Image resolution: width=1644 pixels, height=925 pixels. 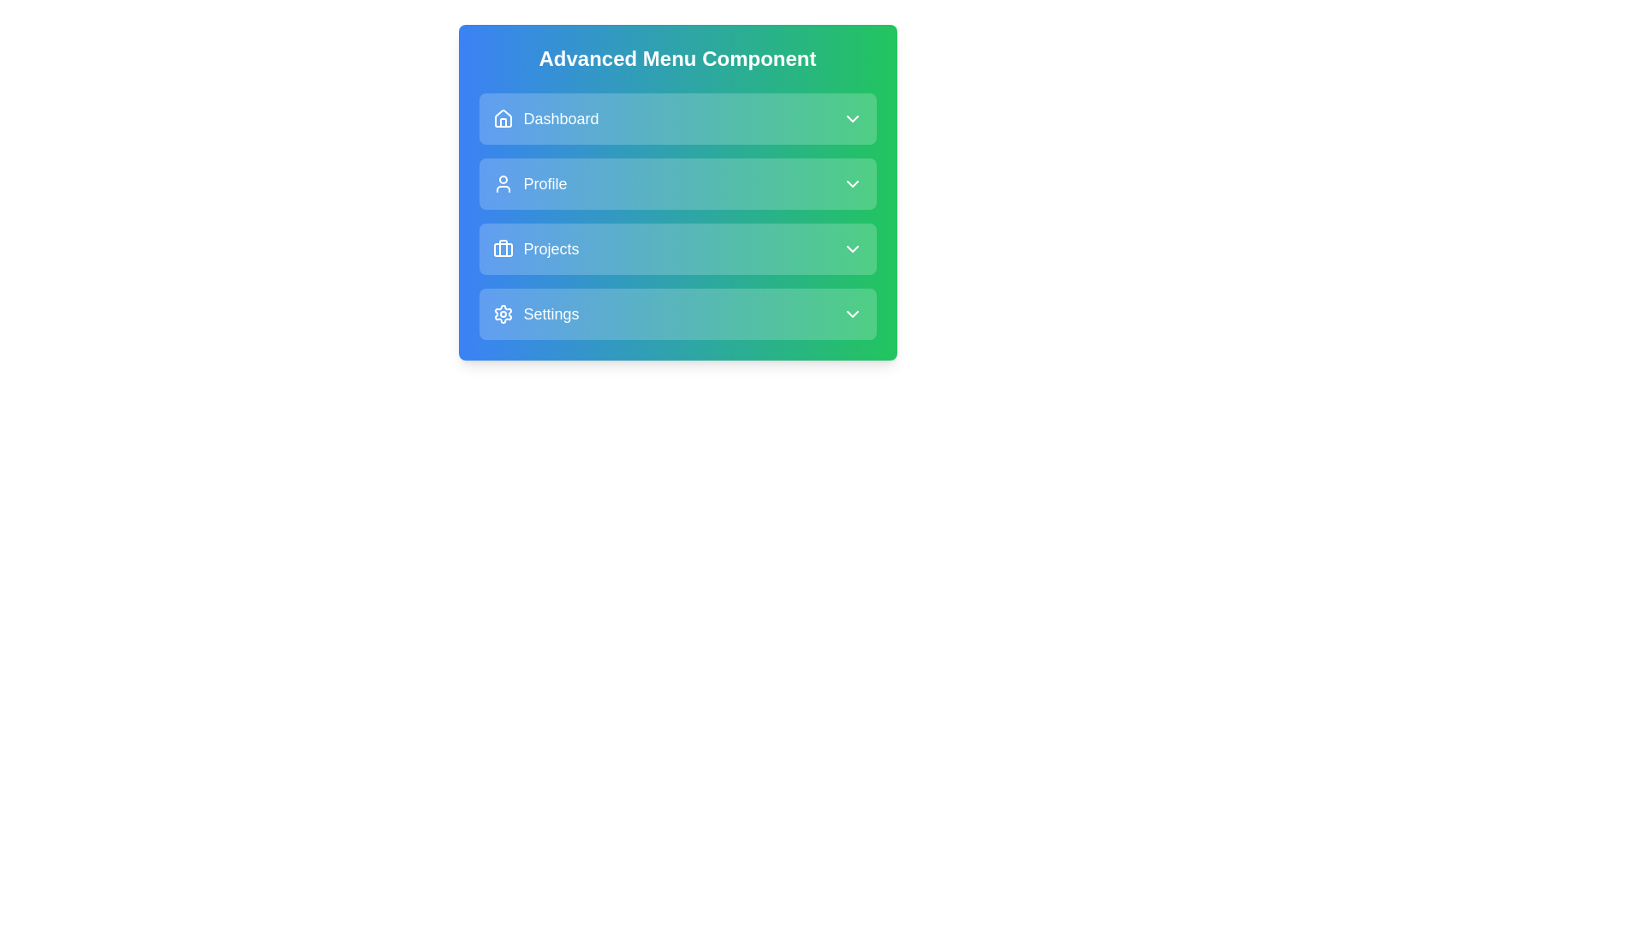 What do you see at coordinates (676, 313) in the screenshot?
I see `the settings button located at the bottom of a vertical list within a rounded rectangle menu` at bounding box center [676, 313].